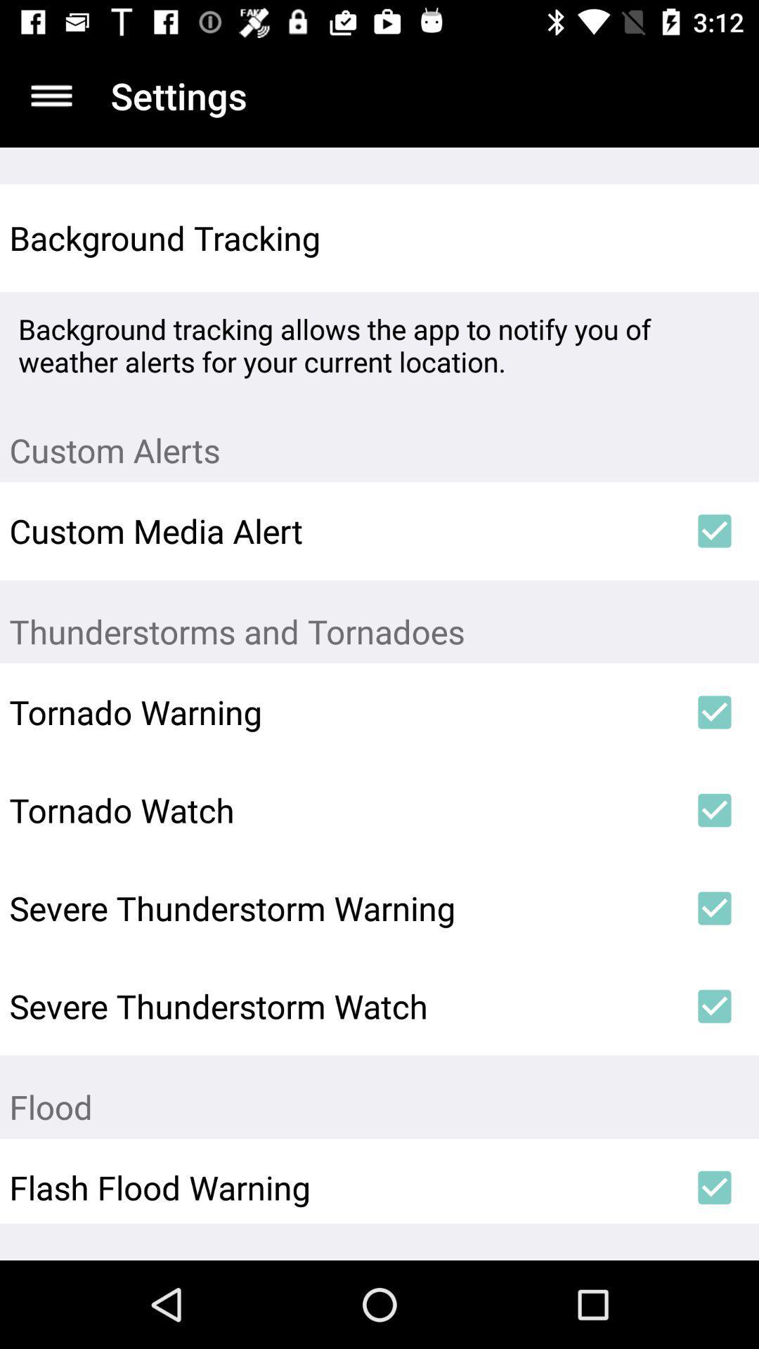 This screenshot has width=759, height=1349. Describe the element at coordinates (51, 95) in the screenshot. I see `list of options` at that location.